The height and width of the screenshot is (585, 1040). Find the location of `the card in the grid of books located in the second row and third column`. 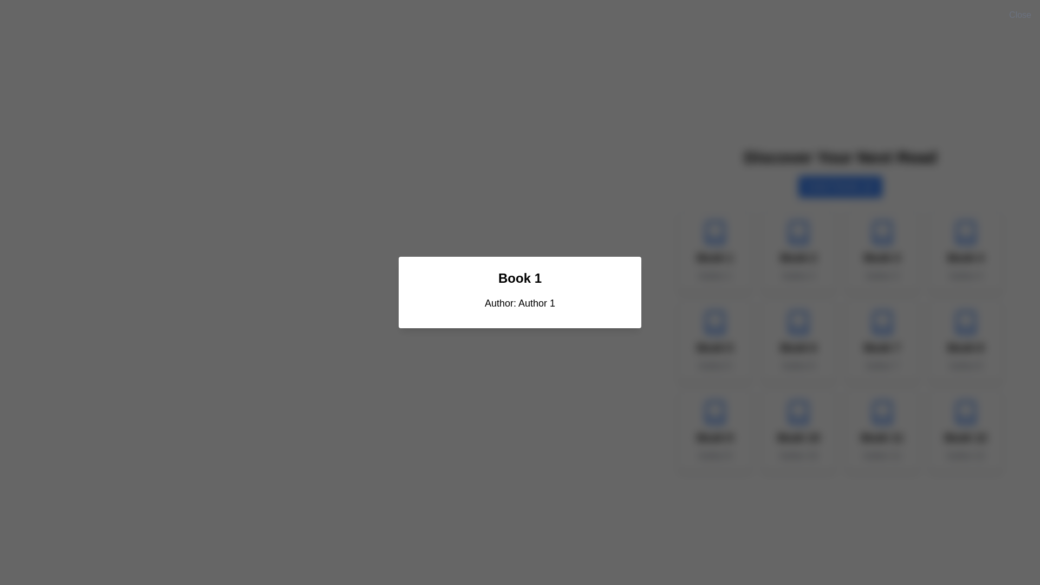

the card in the grid of books located in the second row and third column is located at coordinates (840, 340).